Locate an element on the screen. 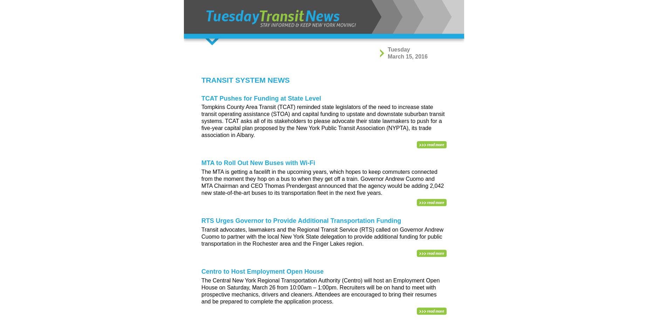 Image resolution: width=648 pixels, height=335 pixels. 'March 15, 2016' is located at coordinates (407, 56).